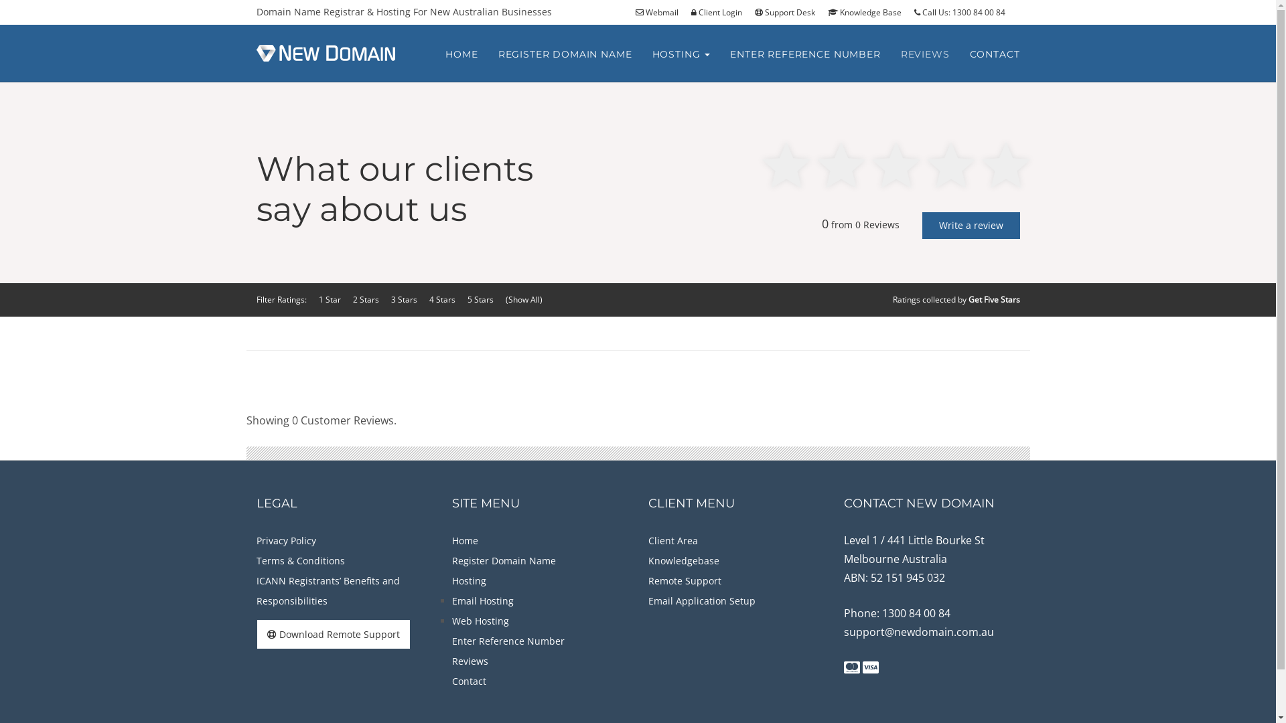 The height and width of the screenshot is (723, 1286). Describe the element at coordinates (452, 560) in the screenshot. I see `'Register Domain Name'` at that location.